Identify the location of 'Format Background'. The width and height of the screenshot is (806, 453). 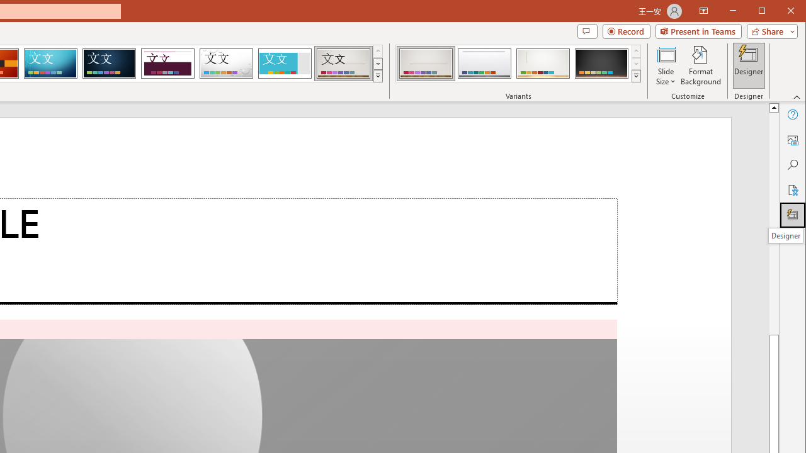
(700, 65).